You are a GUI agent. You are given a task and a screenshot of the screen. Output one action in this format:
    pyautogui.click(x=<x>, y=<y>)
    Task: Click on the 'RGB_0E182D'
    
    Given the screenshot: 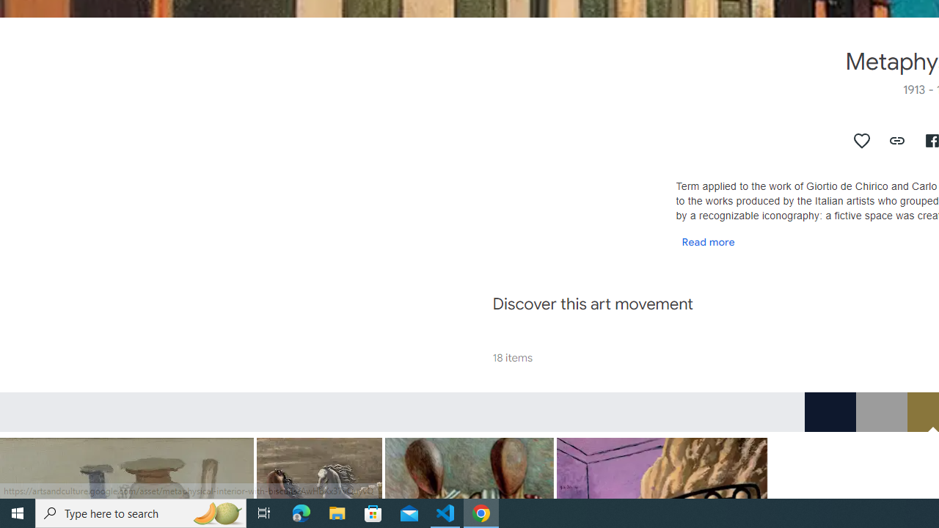 What is the action you would take?
    pyautogui.click(x=830, y=411)
    